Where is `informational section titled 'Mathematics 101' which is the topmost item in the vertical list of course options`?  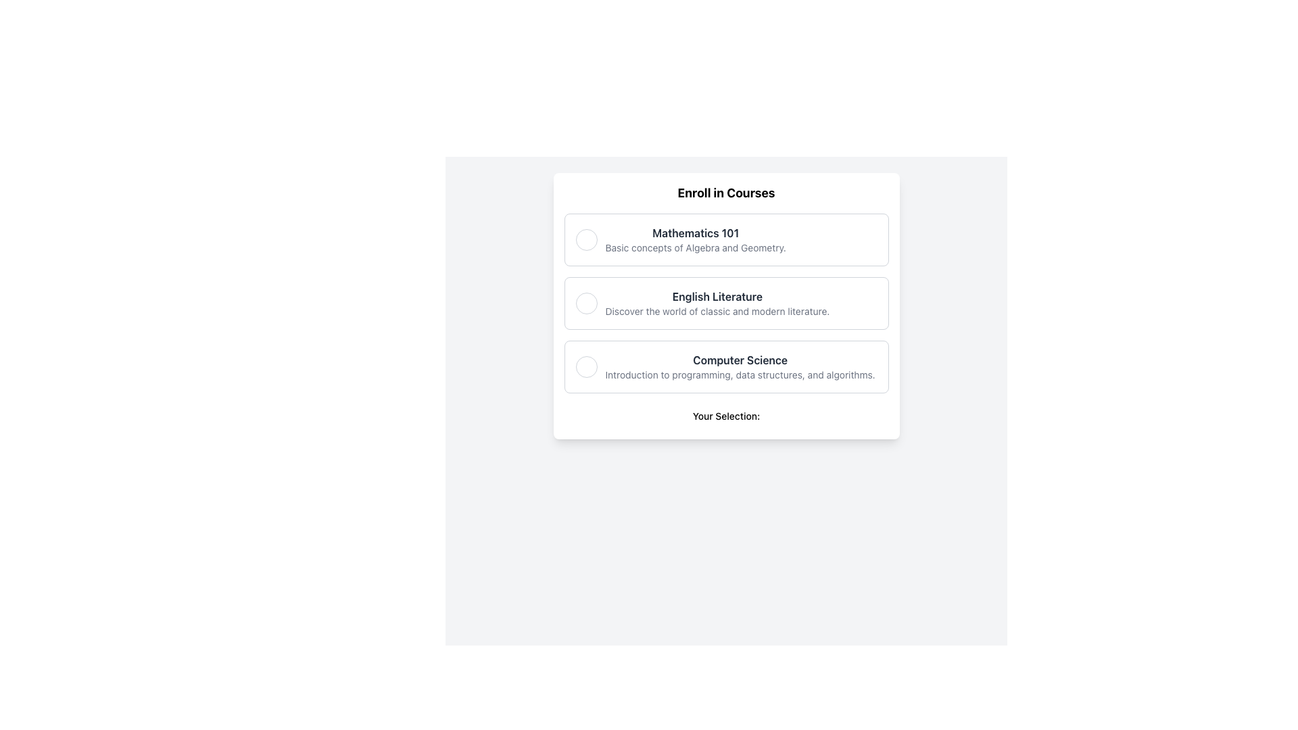
informational section titled 'Mathematics 101' which is the topmost item in the vertical list of course options is located at coordinates (725, 239).